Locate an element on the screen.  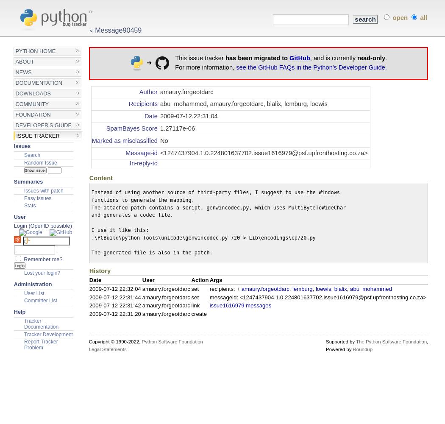
'Tracker Development' is located at coordinates (47, 334).